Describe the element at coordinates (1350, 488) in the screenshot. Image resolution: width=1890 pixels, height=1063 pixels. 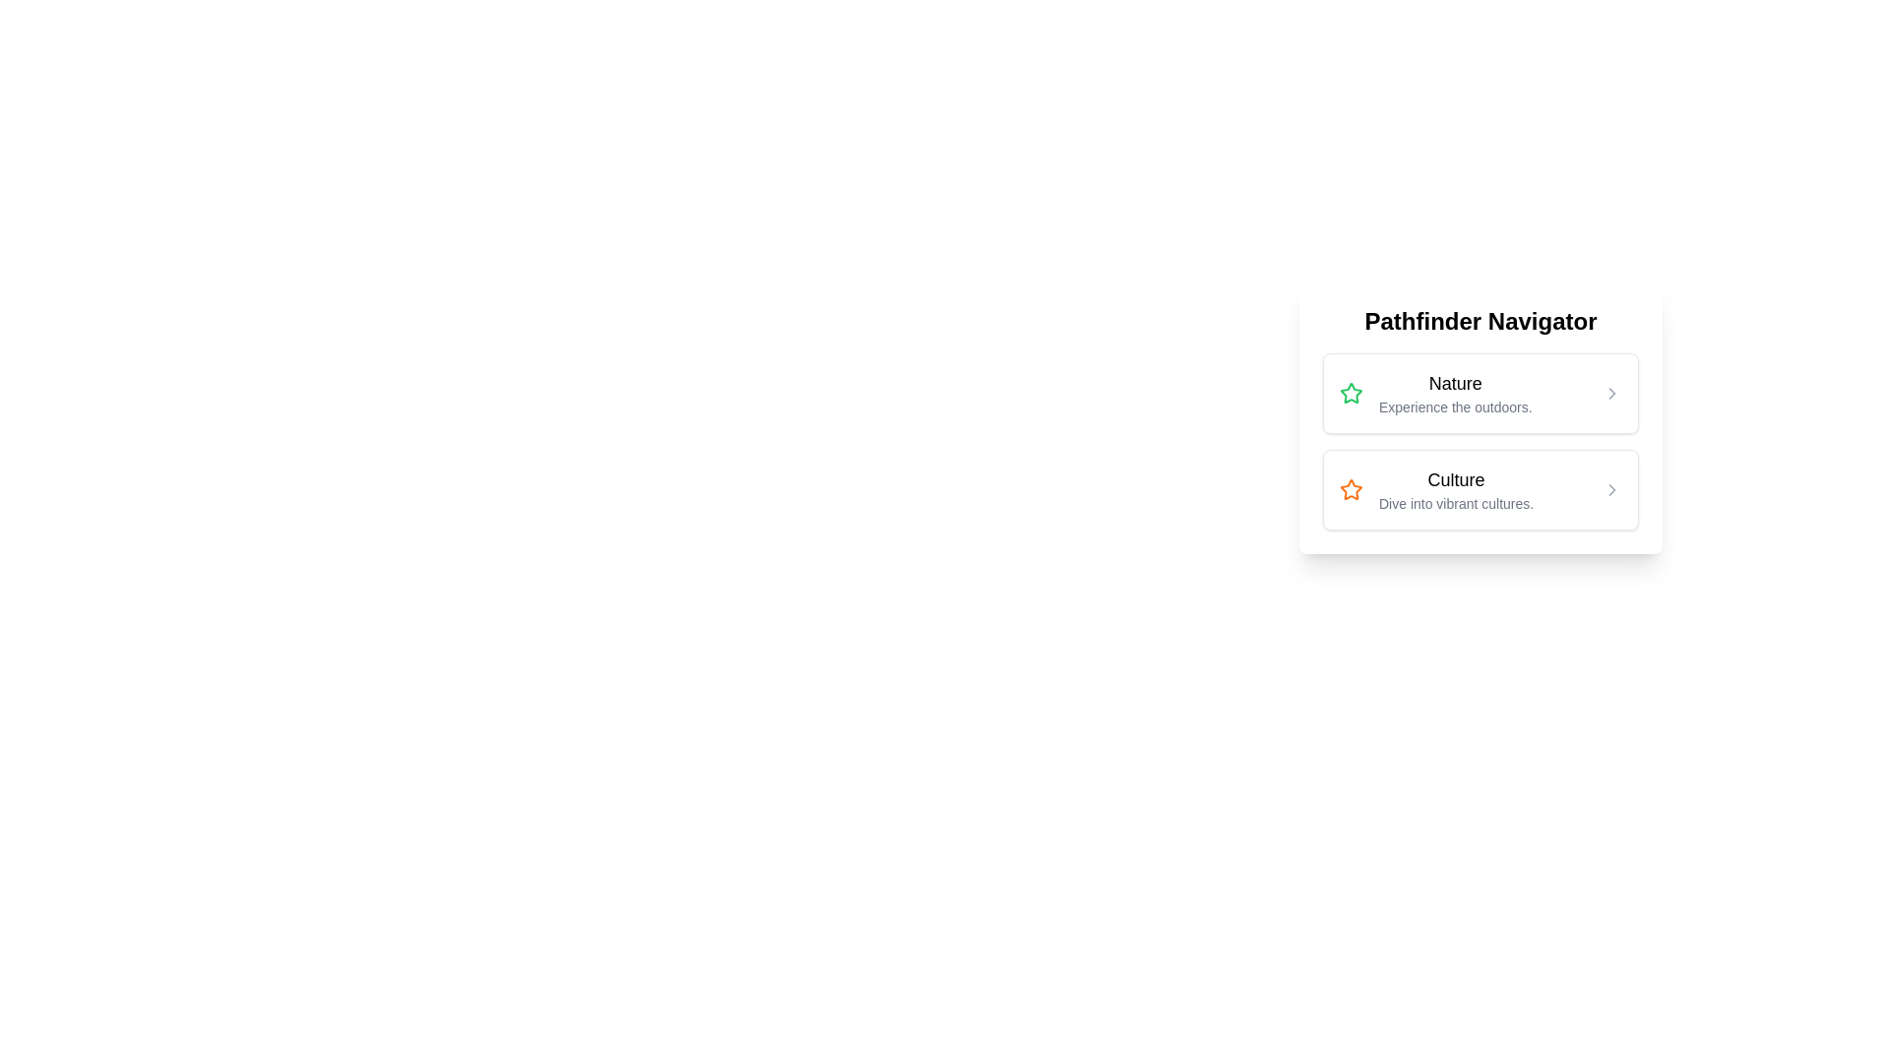
I see `the star-shaped icon with an orange stroke located beside the text 'Culture' in the 'Pathfinder Navigator' panel` at that location.